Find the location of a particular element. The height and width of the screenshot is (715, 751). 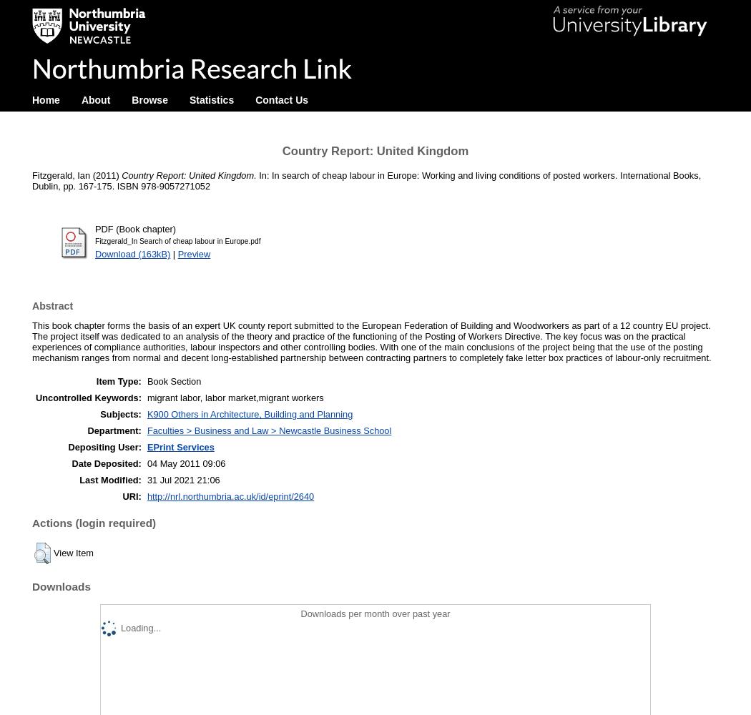

'(2011)' is located at coordinates (105, 174).